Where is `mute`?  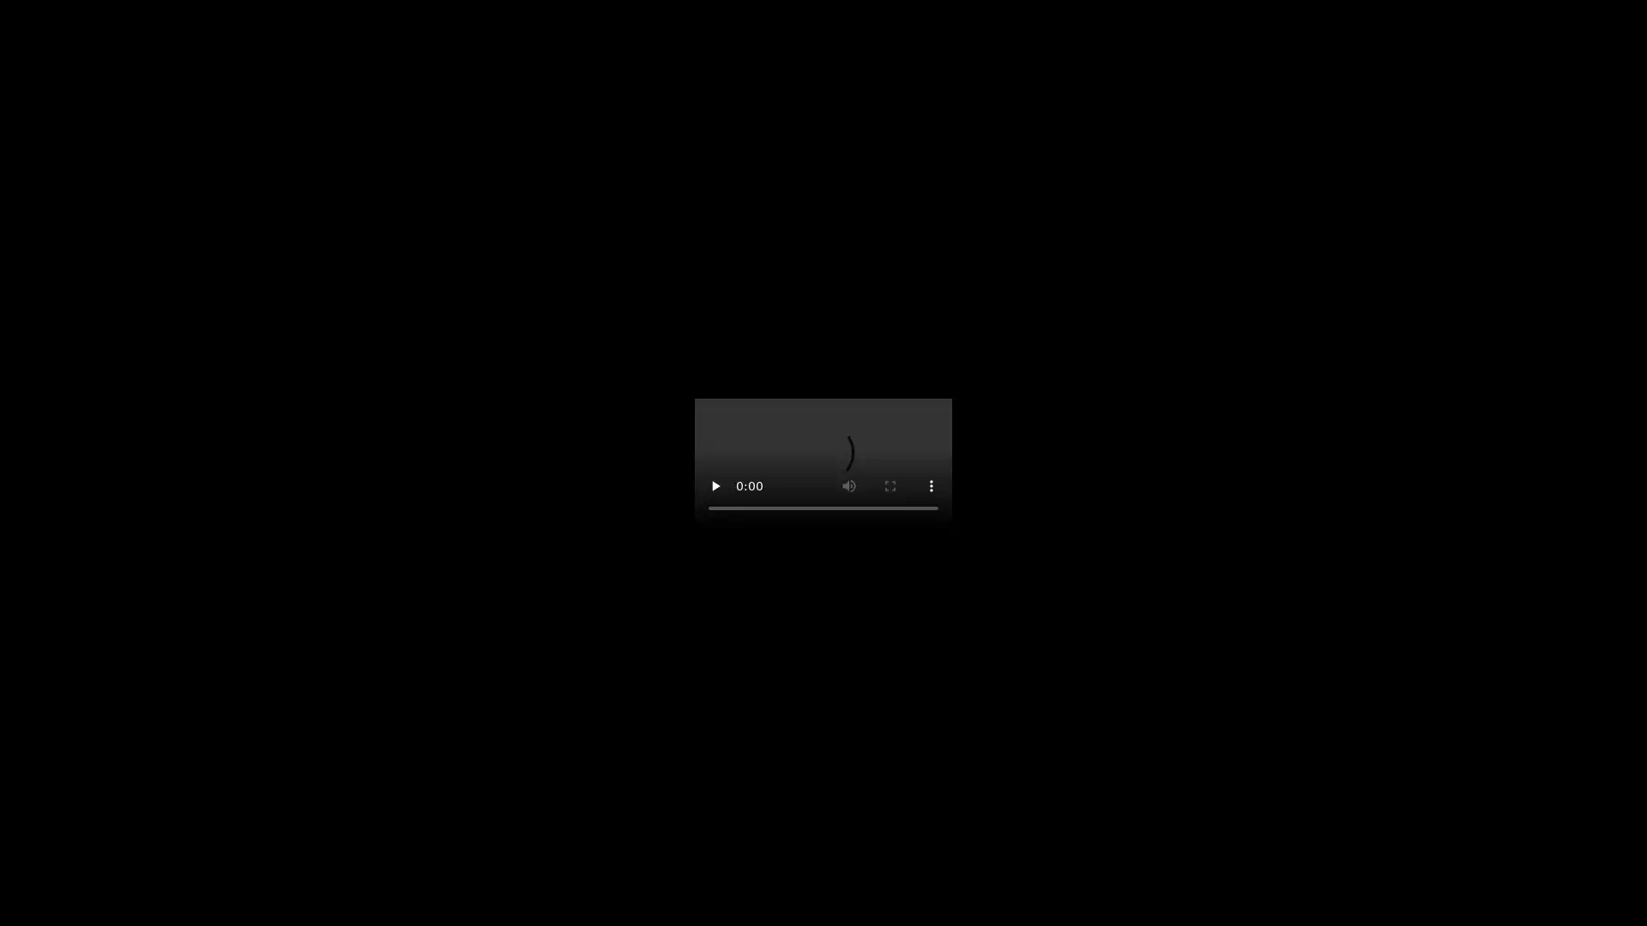 mute is located at coordinates (848, 486).